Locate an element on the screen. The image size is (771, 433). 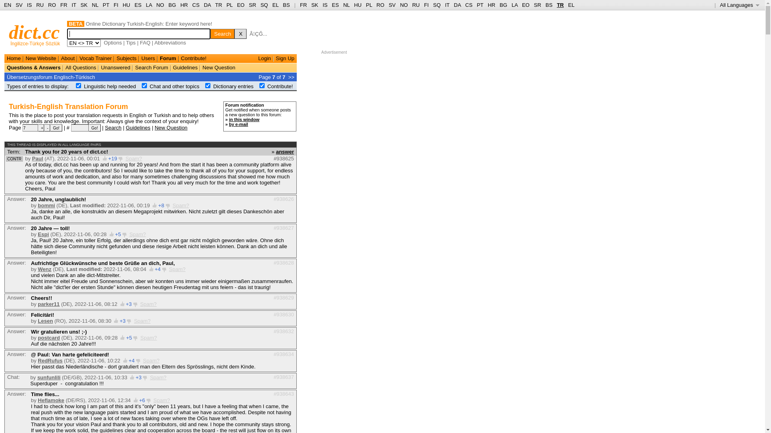
'Unanswered' is located at coordinates (115, 67).